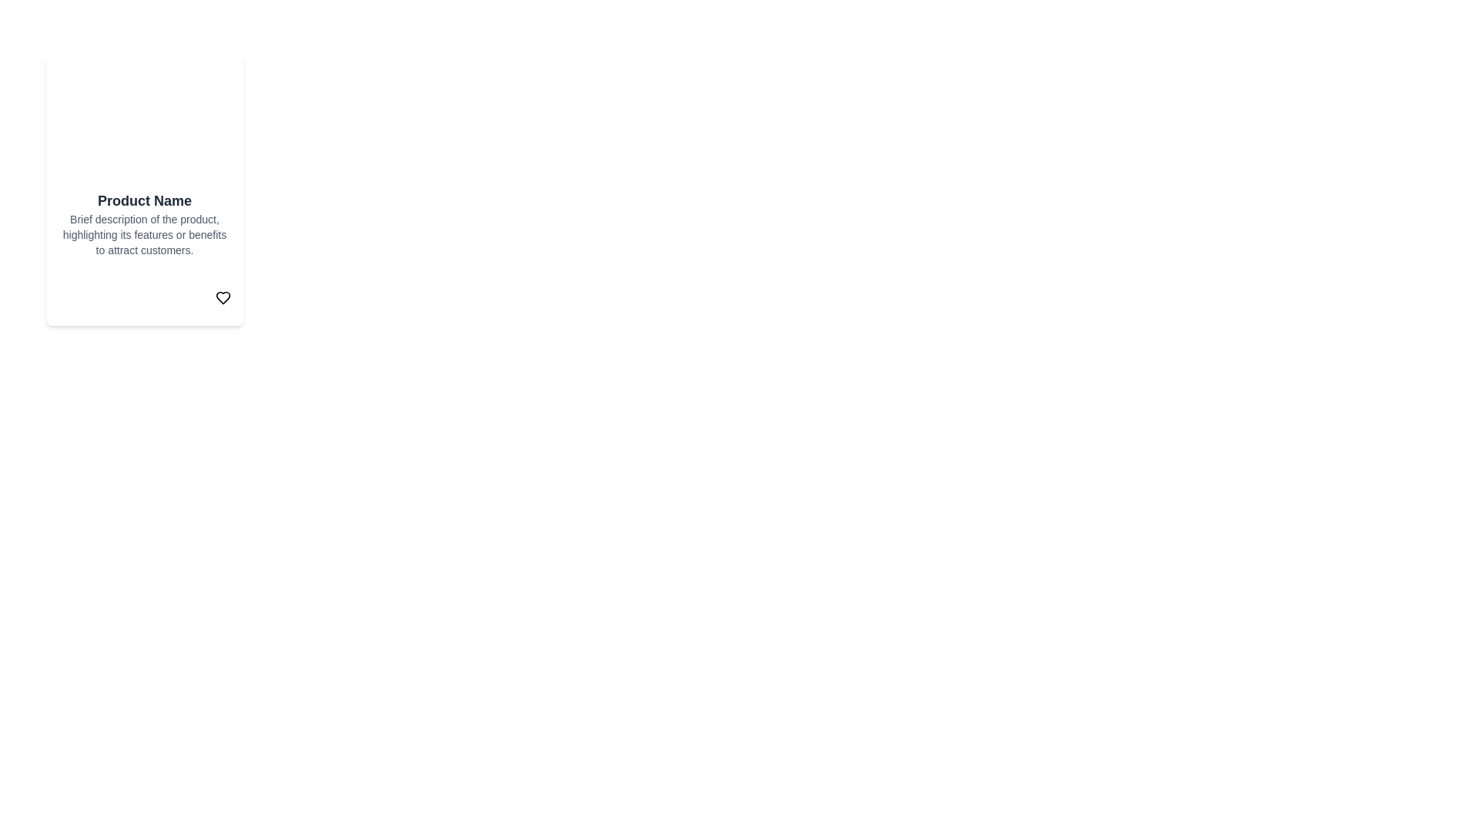 This screenshot has width=1479, height=832. I want to click on the 'Add to Cart' button located at the bottom of the product card, so click(144, 297).